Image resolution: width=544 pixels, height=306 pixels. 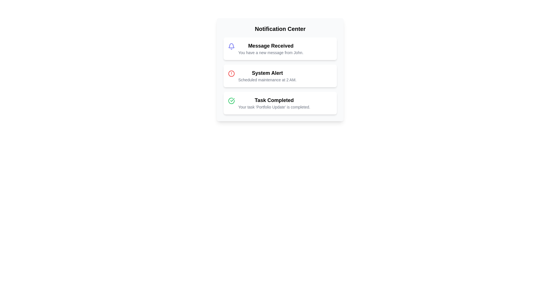 I want to click on the icon associated with the notification's status for Task Completed, so click(x=231, y=100).